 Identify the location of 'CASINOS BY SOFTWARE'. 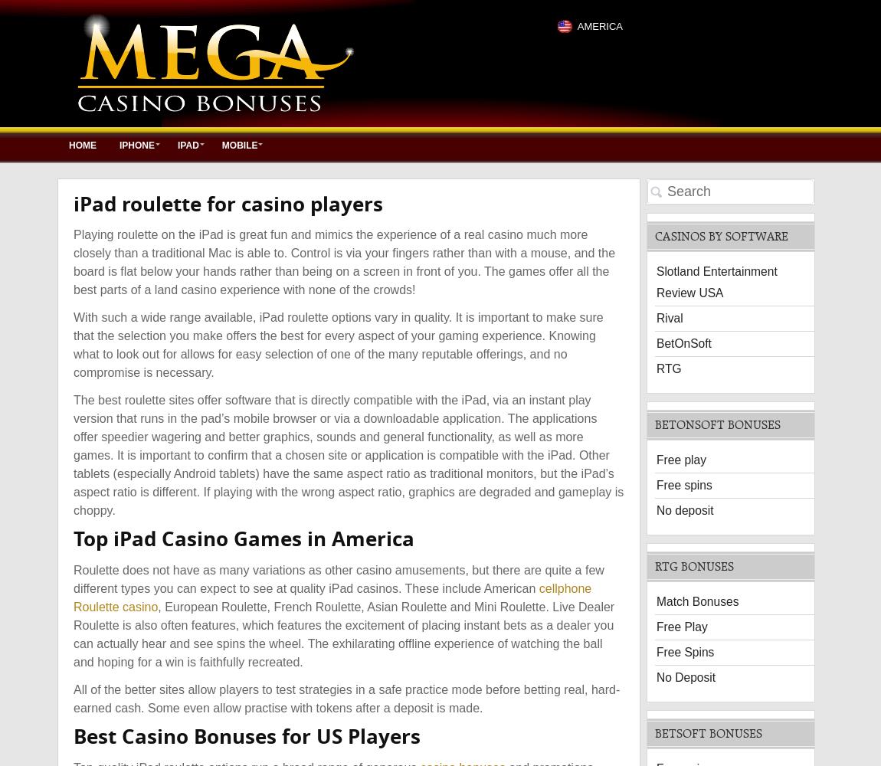
(721, 235).